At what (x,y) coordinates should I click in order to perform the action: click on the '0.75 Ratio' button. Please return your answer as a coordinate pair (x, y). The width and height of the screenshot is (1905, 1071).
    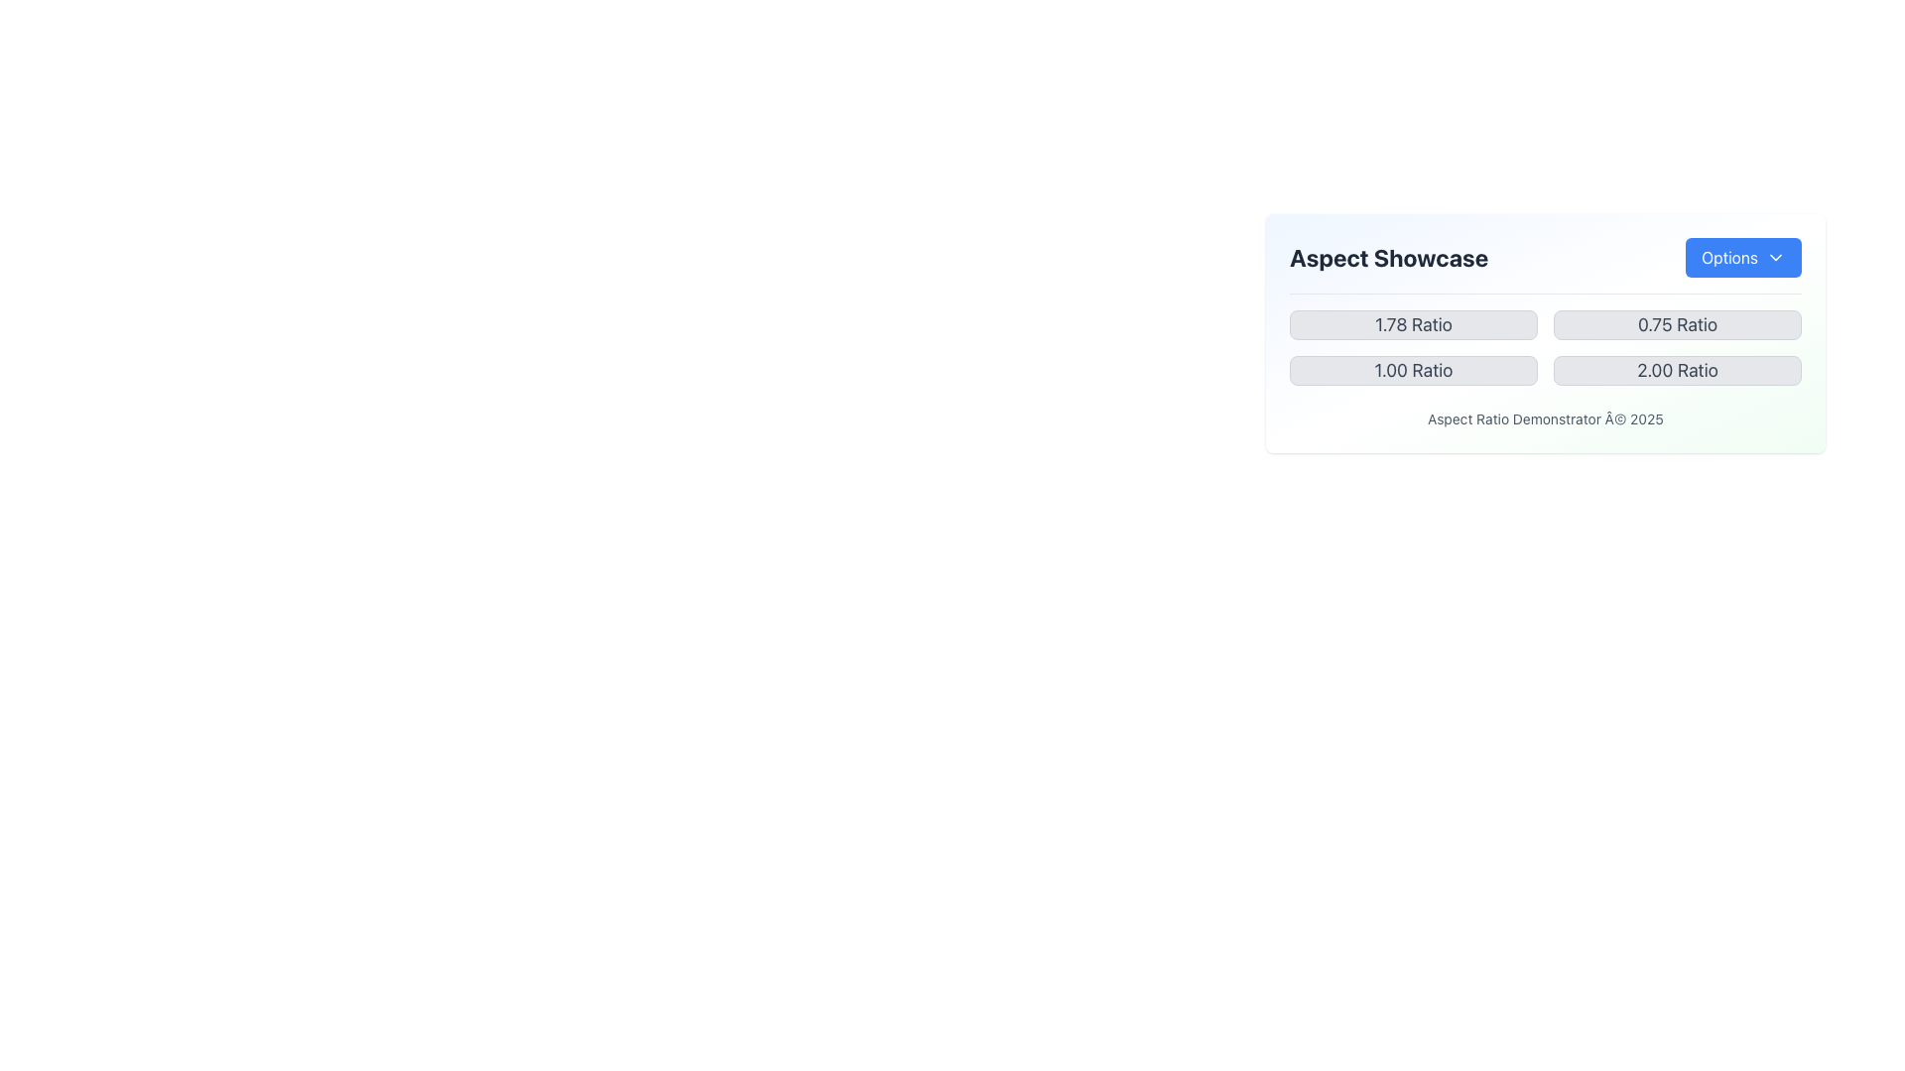
    Looking at the image, I should click on (1676, 323).